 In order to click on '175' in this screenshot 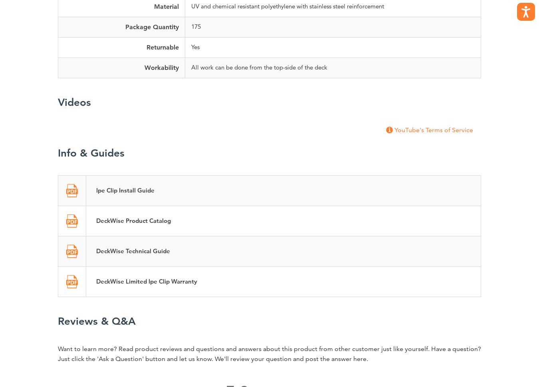, I will do `click(195, 26)`.